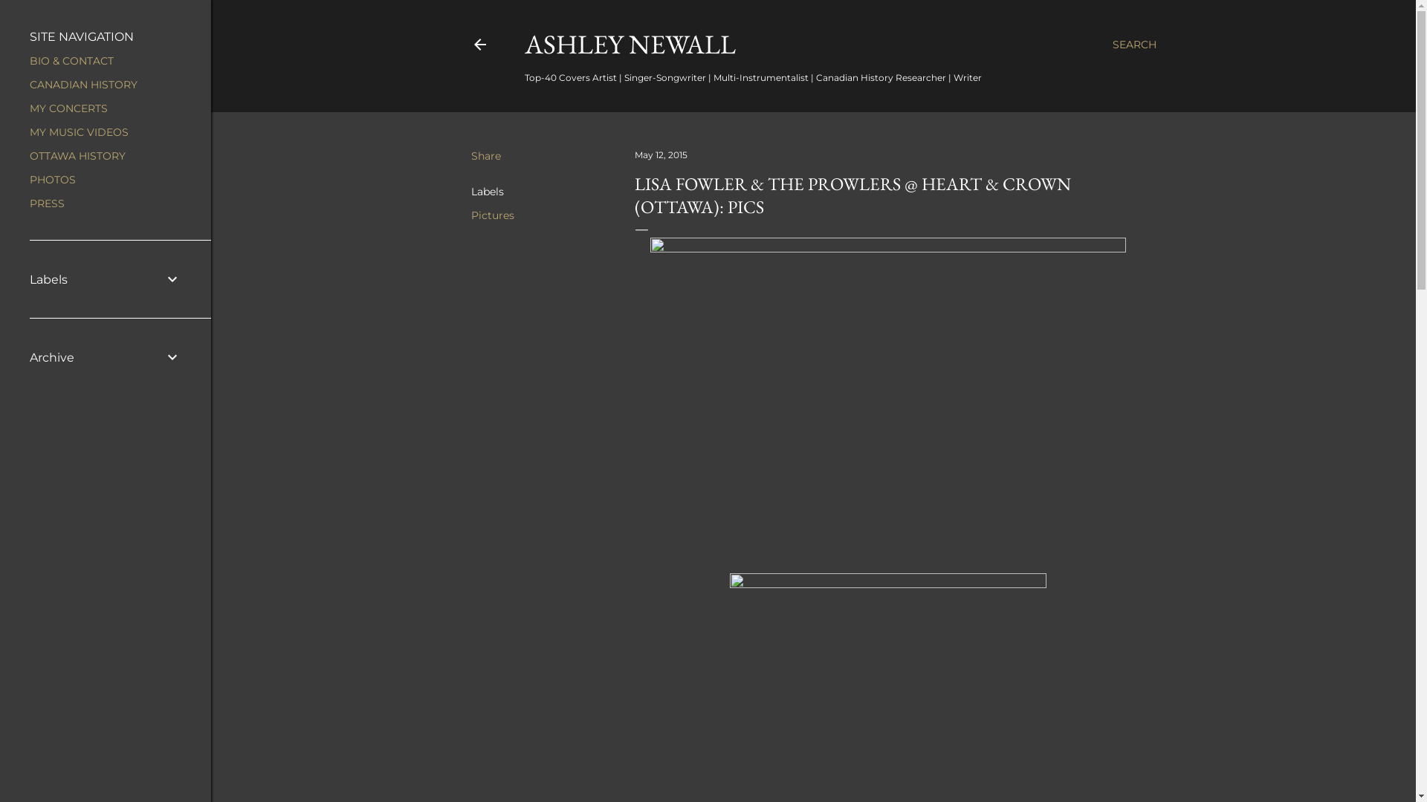 The height and width of the screenshot is (802, 1427). Describe the element at coordinates (47, 203) in the screenshot. I see `'PRESS'` at that location.